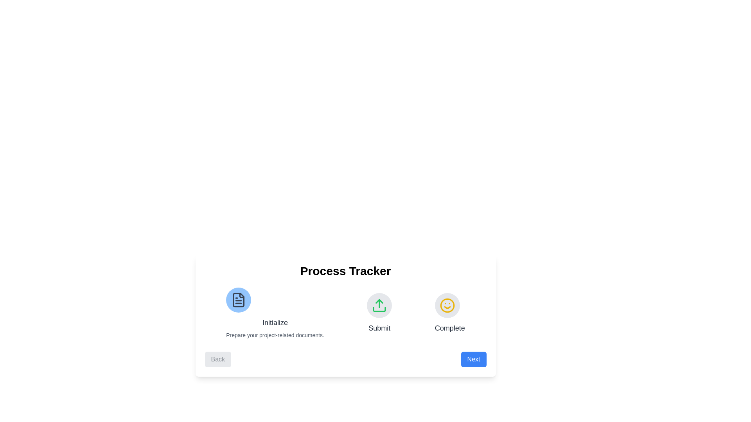  I want to click on 'Next' button to advance to the next step, so click(473, 359).